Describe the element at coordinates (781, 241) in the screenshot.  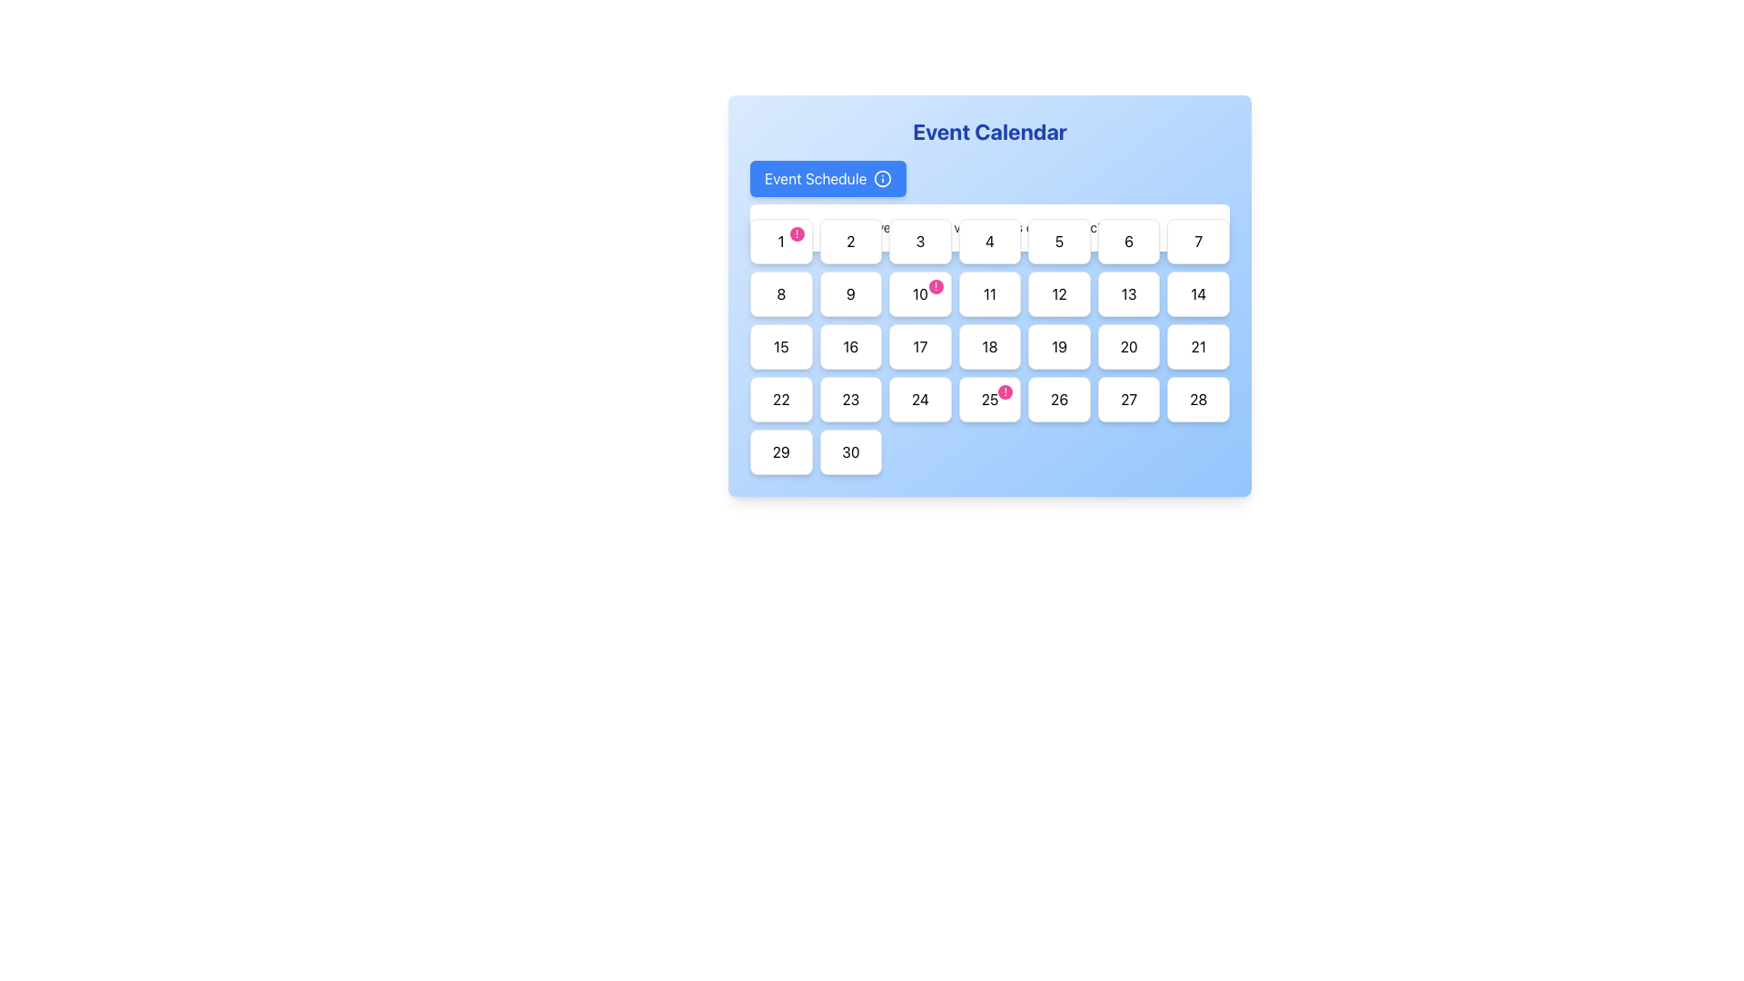
I see `on the first day of the calendar with a badge indicator` at that location.